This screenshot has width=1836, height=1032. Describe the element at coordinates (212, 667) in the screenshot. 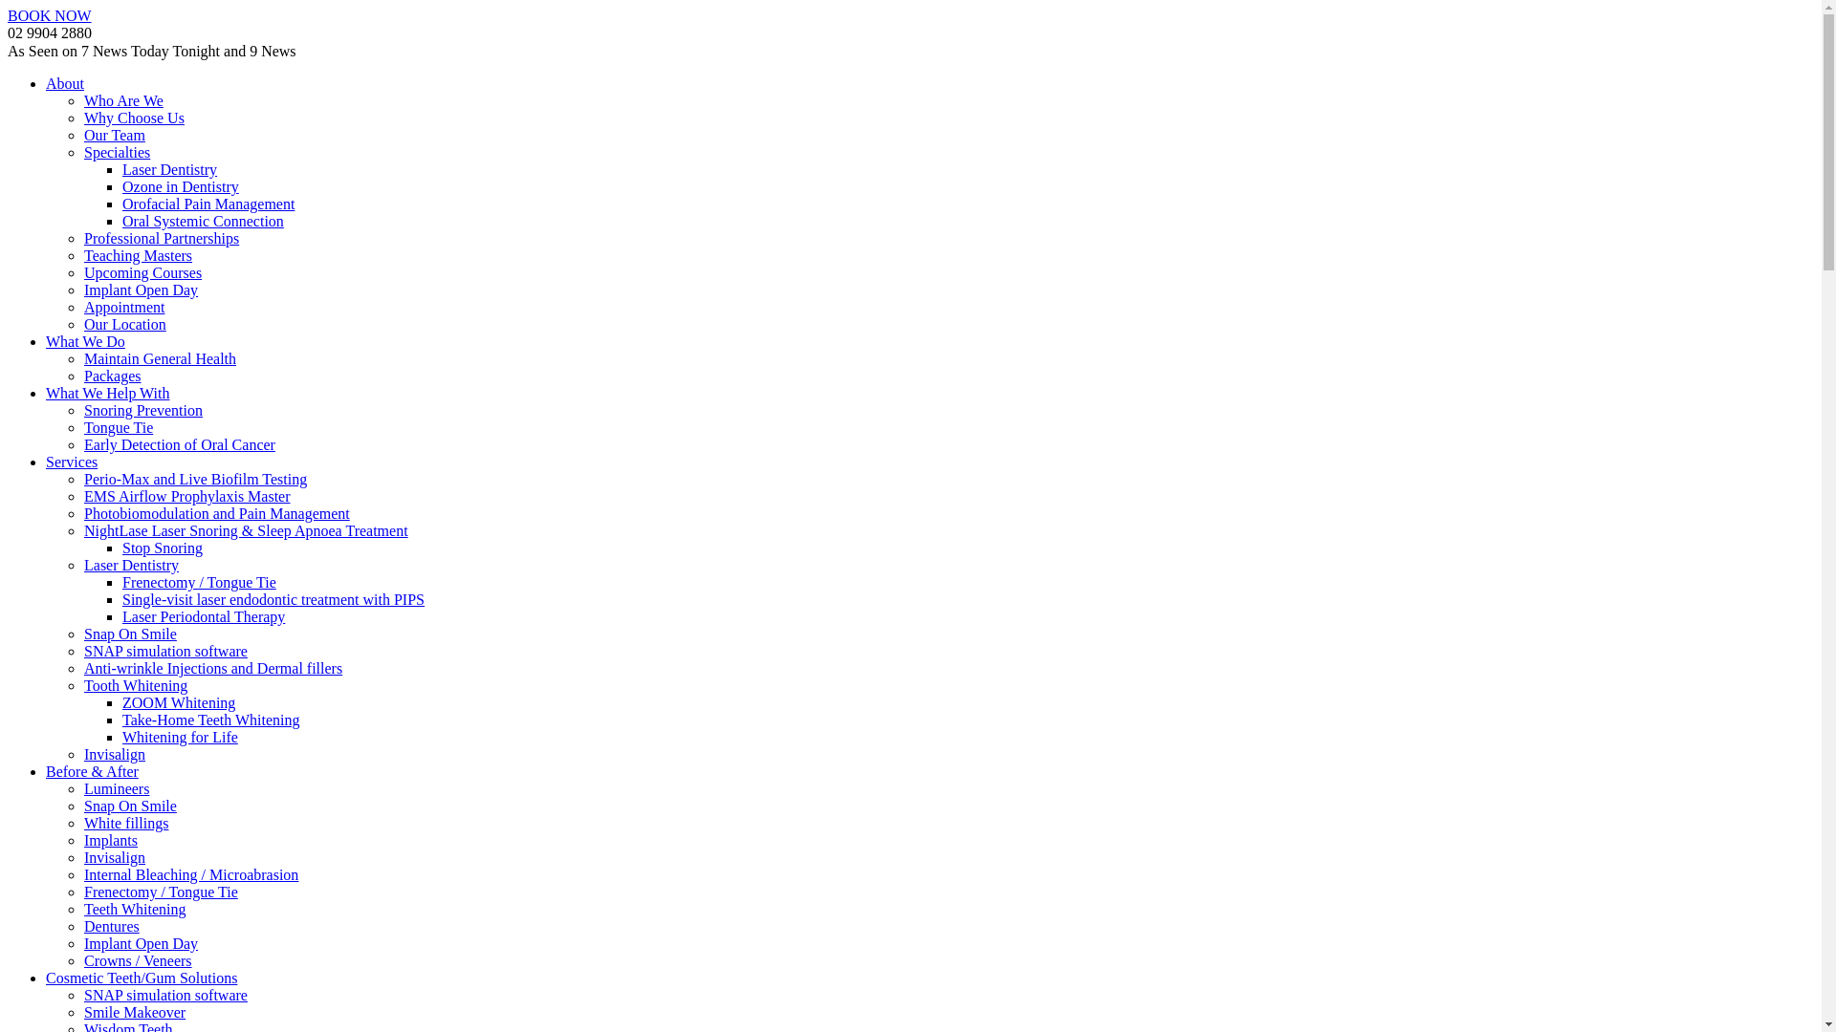

I see `'Anti-wrinkle Injections and Dermal fillers'` at that location.